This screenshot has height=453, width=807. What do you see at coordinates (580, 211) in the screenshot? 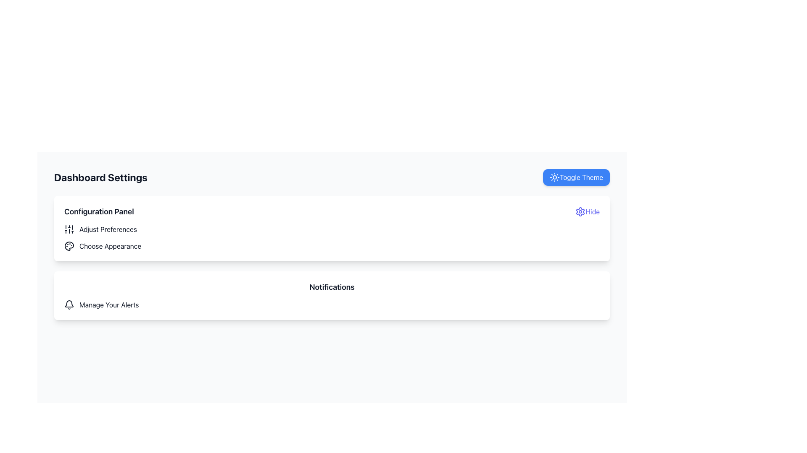
I see `the gear-shaped icon located in the top right corner of the interface, which is part of a group containing a gear and a central circle, suggesting a settings theme` at bounding box center [580, 211].